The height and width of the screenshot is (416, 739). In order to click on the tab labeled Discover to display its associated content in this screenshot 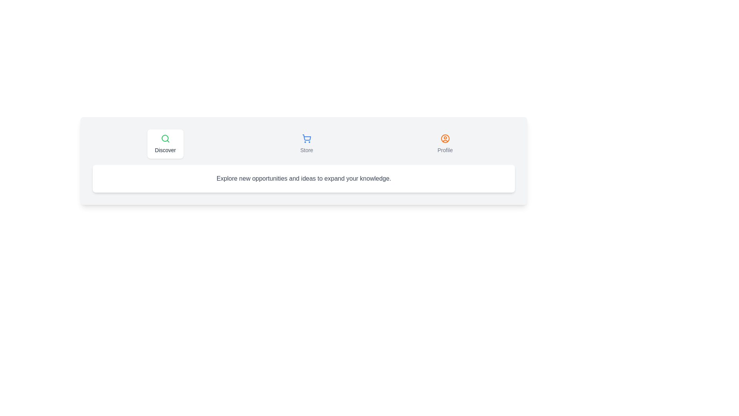, I will do `click(164, 144)`.